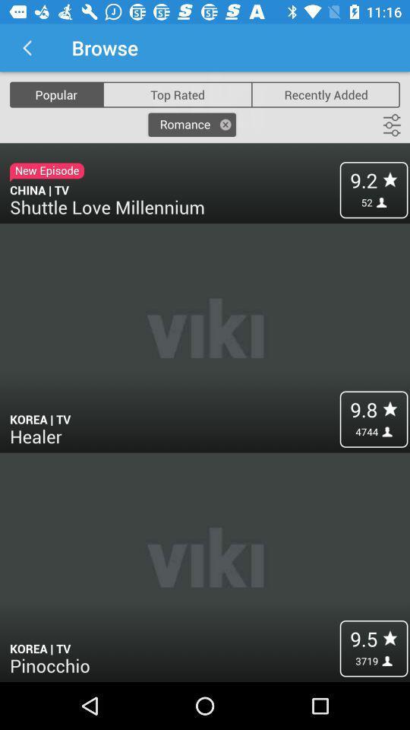 Image resolution: width=410 pixels, height=730 pixels. Describe the element at coordinates (325, 94) in the screenshot. I see `recently added` at that location.